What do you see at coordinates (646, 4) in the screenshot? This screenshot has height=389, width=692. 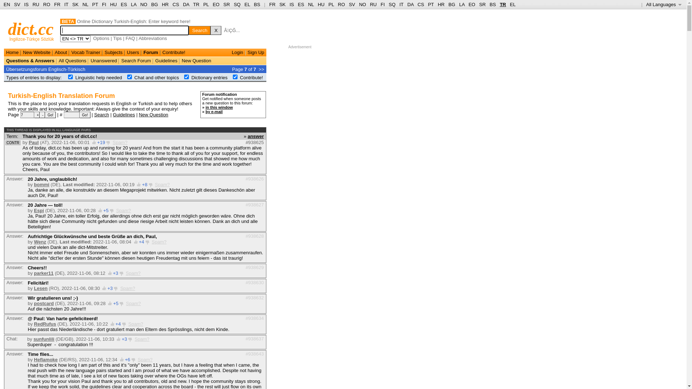 I see `'All Languages '` at bounding box center [646, 4].